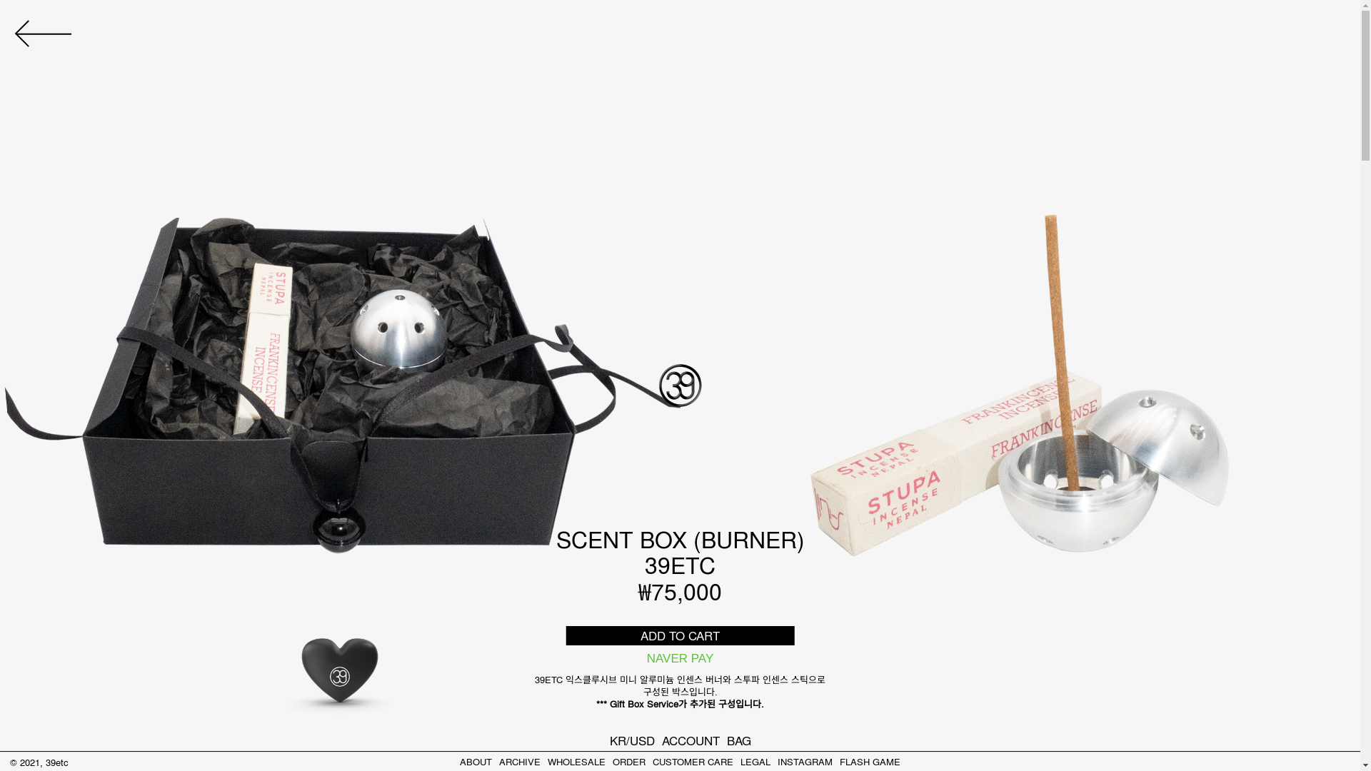 The image size is (1371, 771). What do you see at coordinates (519, 760) in the screenshot?
I see `'ARCHIVE'` at bounding box center [519, 760].